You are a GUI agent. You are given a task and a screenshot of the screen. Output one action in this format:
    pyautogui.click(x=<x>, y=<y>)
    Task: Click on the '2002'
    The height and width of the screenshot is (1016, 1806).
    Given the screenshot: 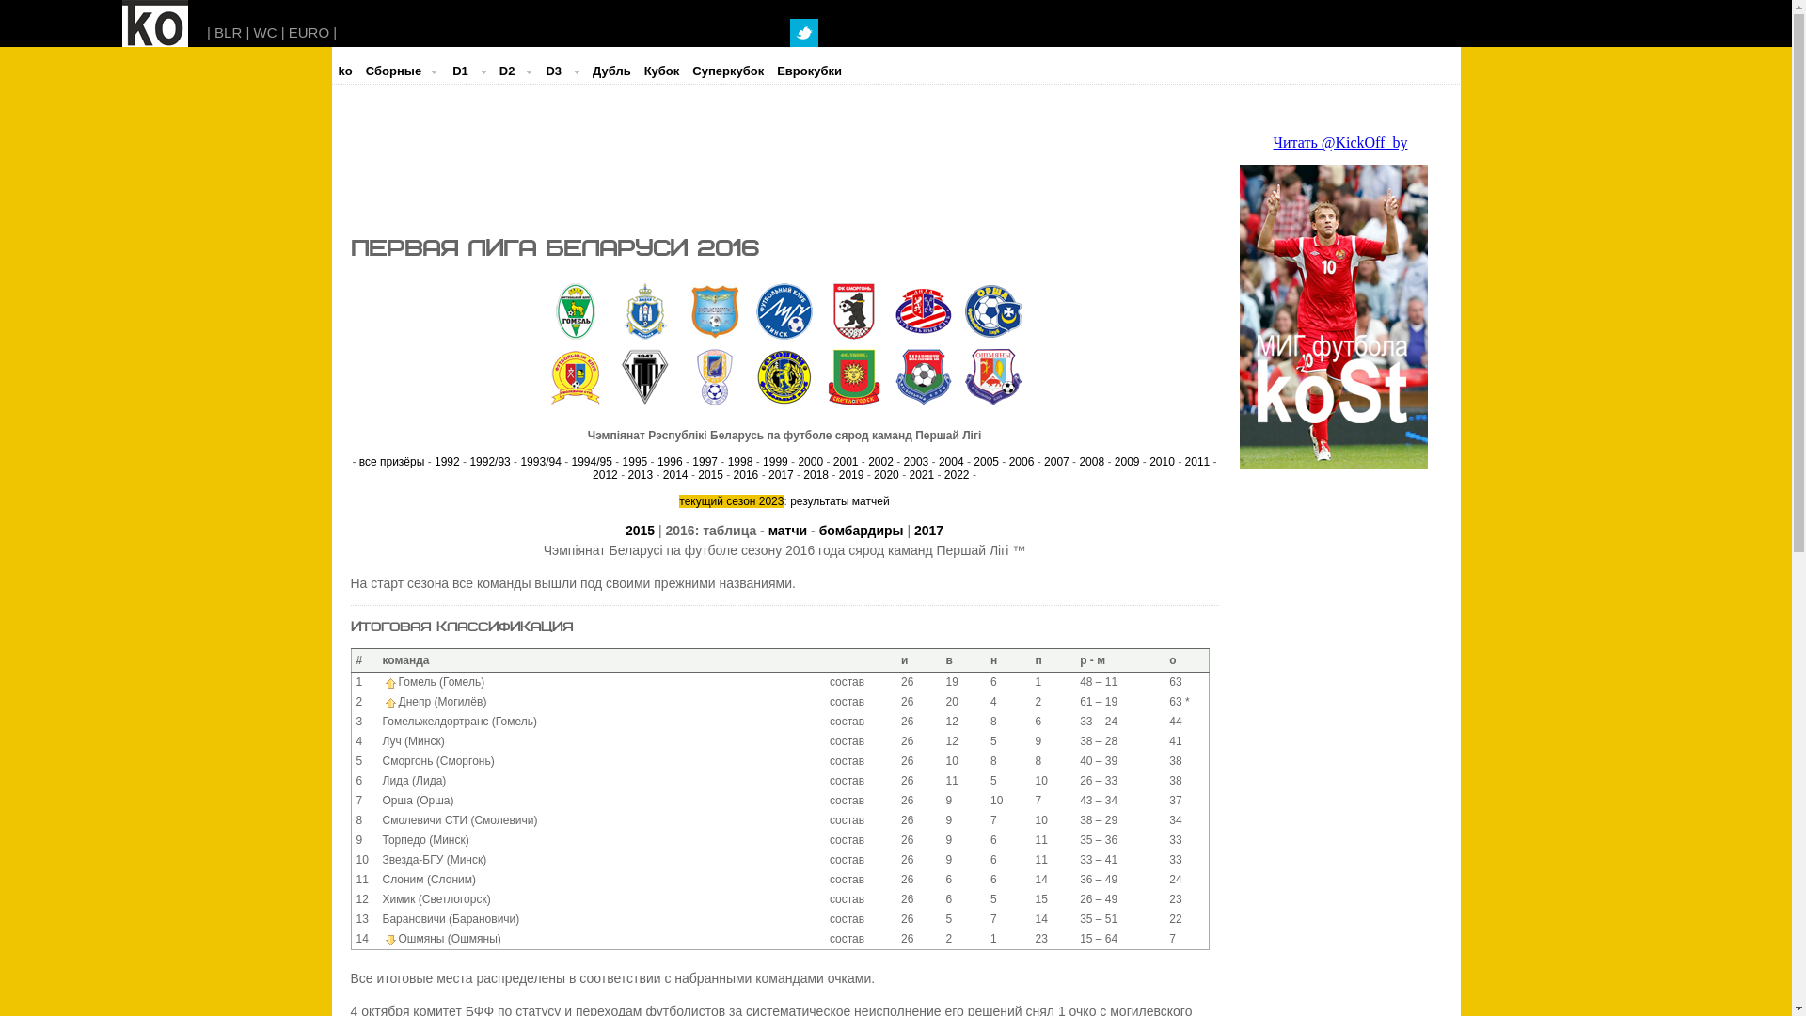 What is the action you would take?
    pyautogui.click(x=879, y=461)
    